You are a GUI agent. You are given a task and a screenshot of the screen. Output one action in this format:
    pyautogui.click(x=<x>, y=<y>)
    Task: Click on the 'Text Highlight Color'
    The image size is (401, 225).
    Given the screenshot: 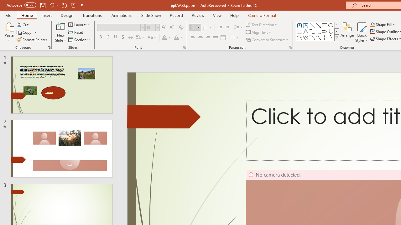 What is the action you would take?
    pyautogui.click(x=166, y=37)
    